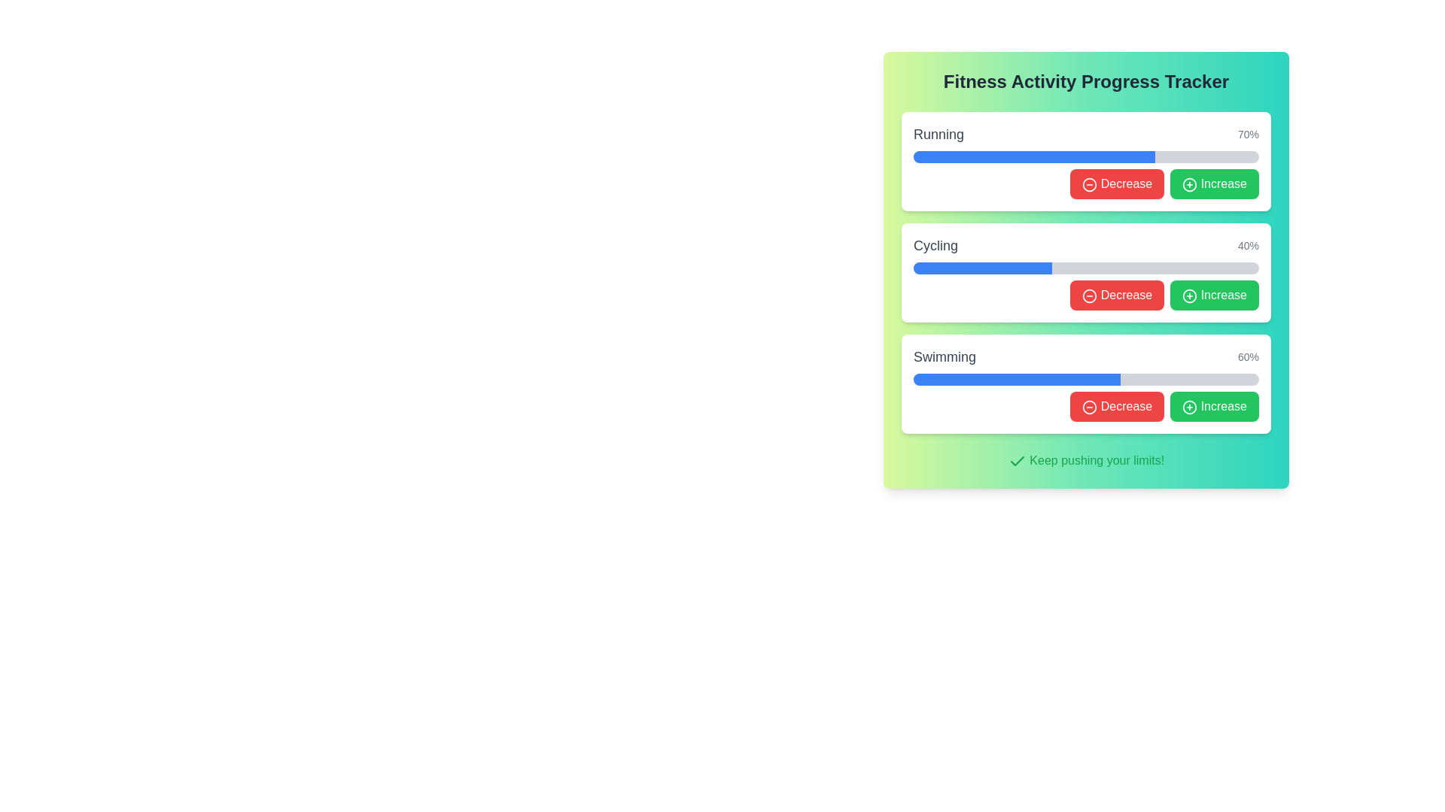 The height and width of the screenshot is (812, 1445). Describe the element at coordinates (1086, 272) in the screenshot. I see `the increment or decrement buttons located in the fitness activity progress tracker section, which is positioned under the title 'Fitness Activity Progress Tracker'` at that location.